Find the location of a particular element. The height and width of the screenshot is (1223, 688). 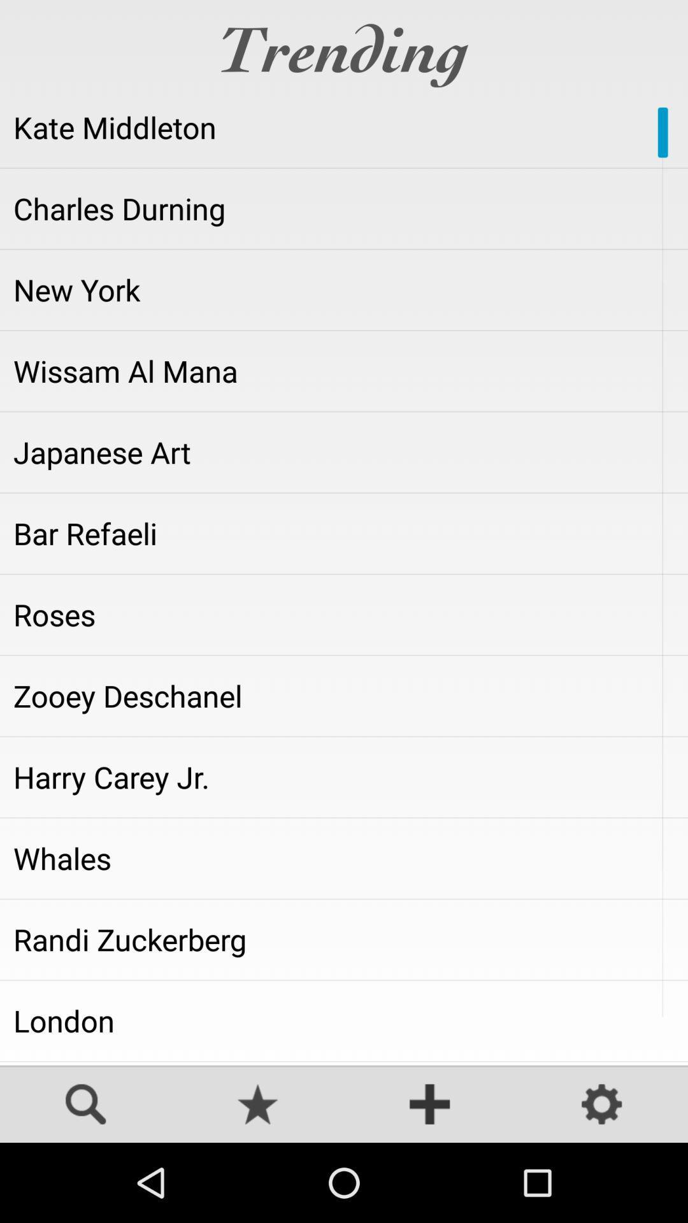

lucy liu app is located at coordinates (344, 1063).